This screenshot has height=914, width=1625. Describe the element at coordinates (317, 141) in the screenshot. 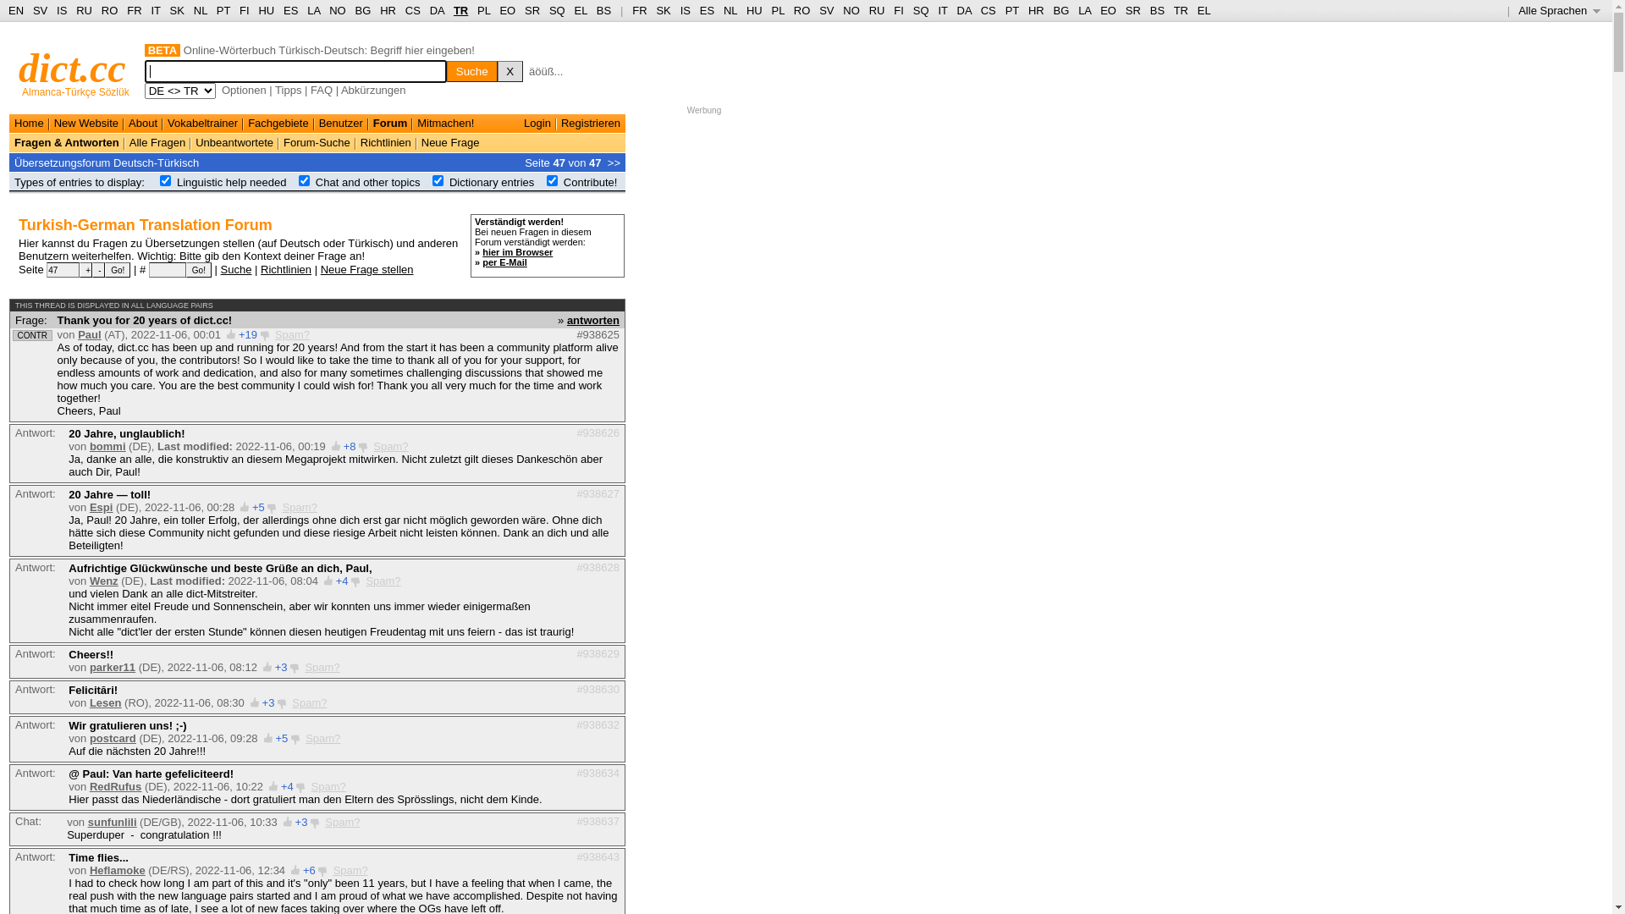

I see `'Forum-Suche'` at that location.